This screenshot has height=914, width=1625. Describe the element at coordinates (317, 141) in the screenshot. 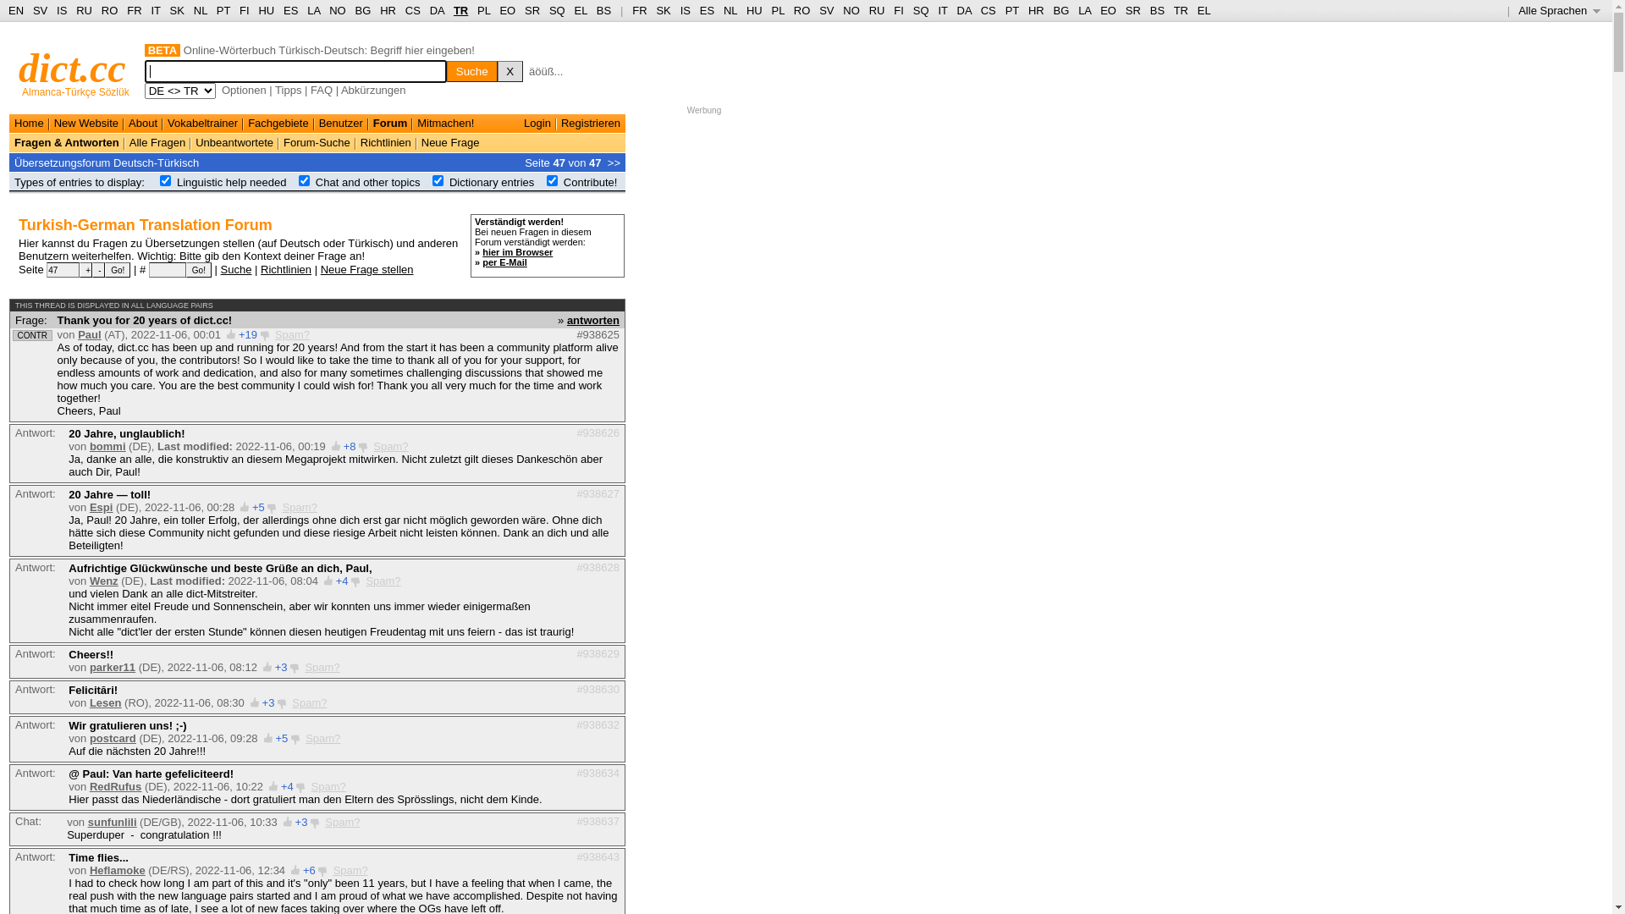

I see `'Forum-Suche'` at that location.